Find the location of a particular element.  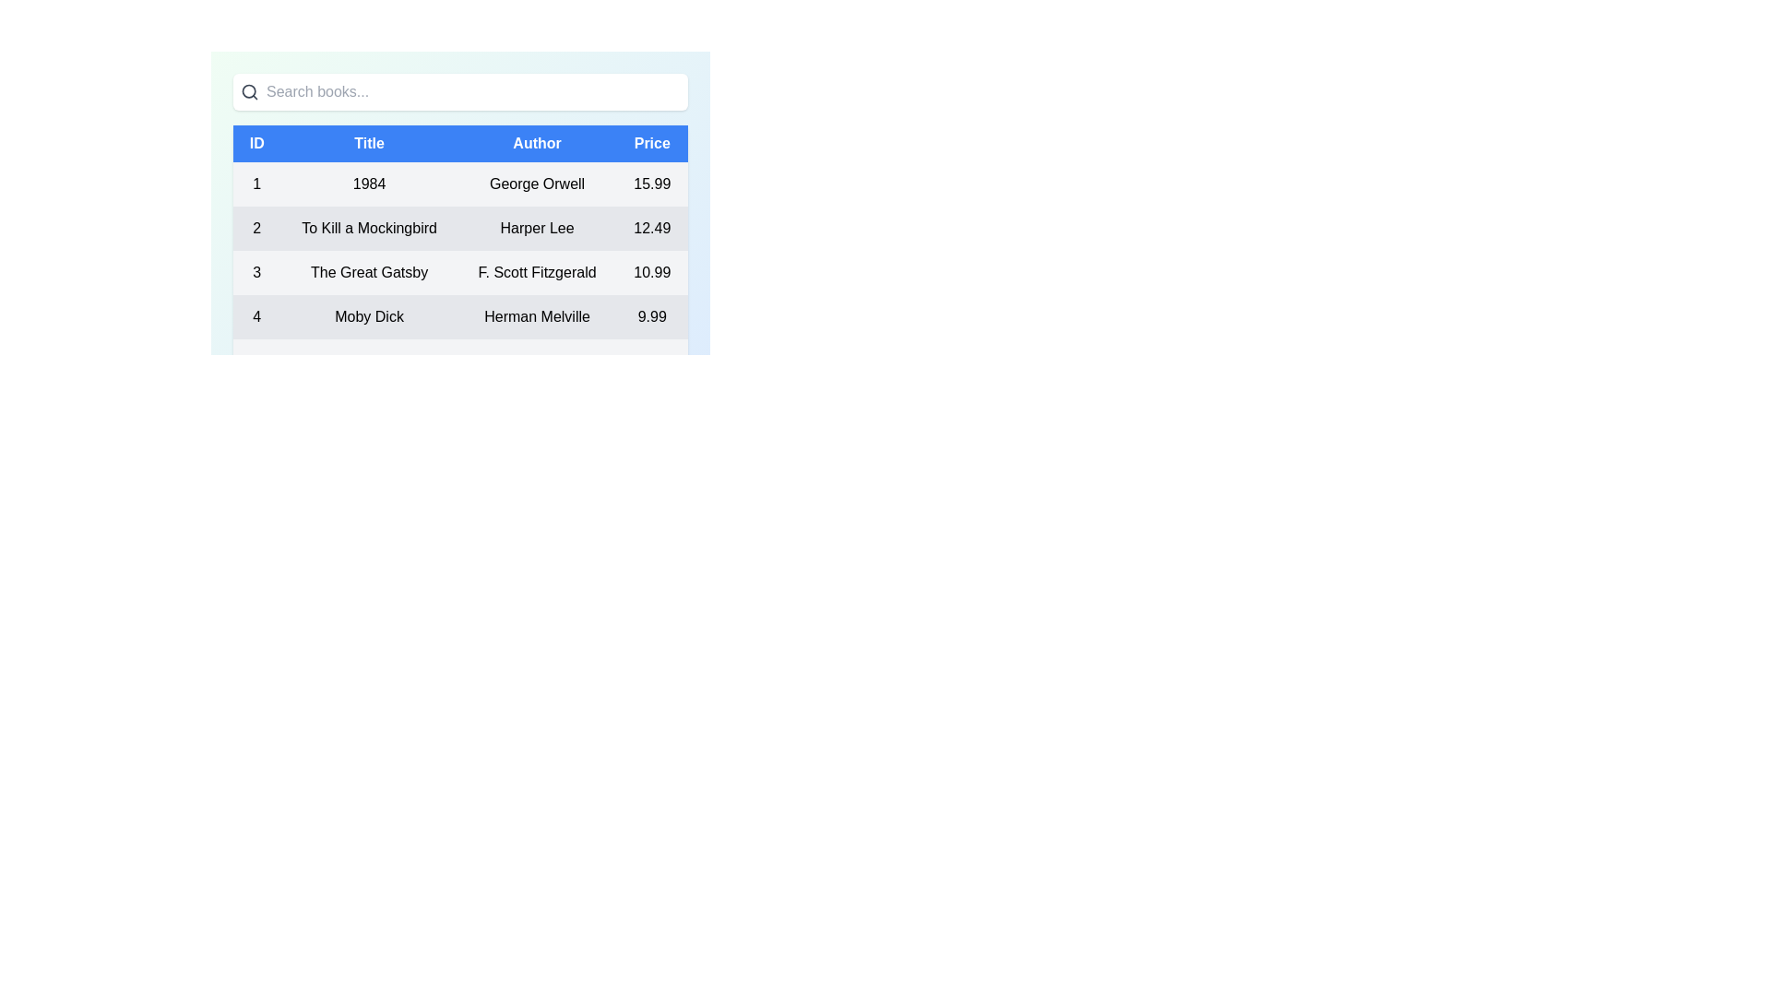

the numerical value '4' displayed in a bold, large font within the first cell of the fourth row in the tabular data structure, corresponding to the 'ID' field for the book 'Moby Dick' is located at coordinates (256, 315).